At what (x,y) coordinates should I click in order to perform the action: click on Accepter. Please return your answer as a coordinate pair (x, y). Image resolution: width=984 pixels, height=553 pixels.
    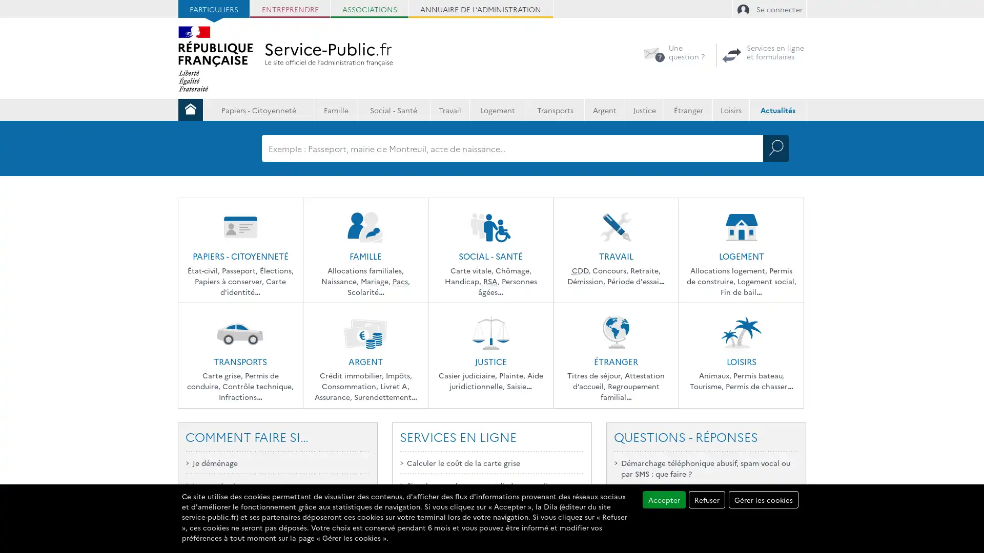
    Looking at the image, I should click on (664, 499).